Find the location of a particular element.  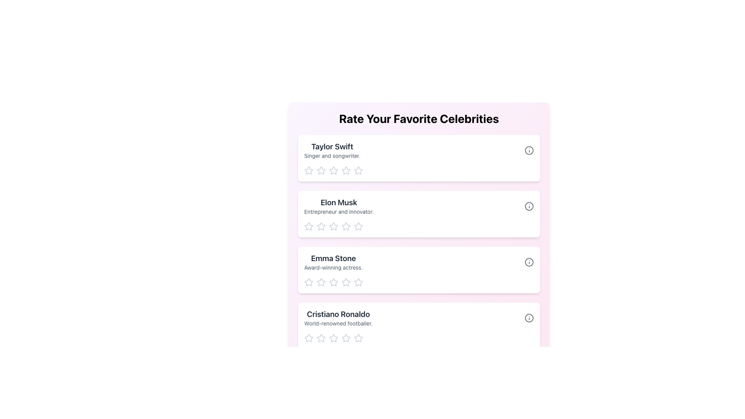

on the fifth star-shaped interactive icon with a hollow gray design, located below the 'Cristiano Ronaldo' entry is located at coordinates (346, 338).